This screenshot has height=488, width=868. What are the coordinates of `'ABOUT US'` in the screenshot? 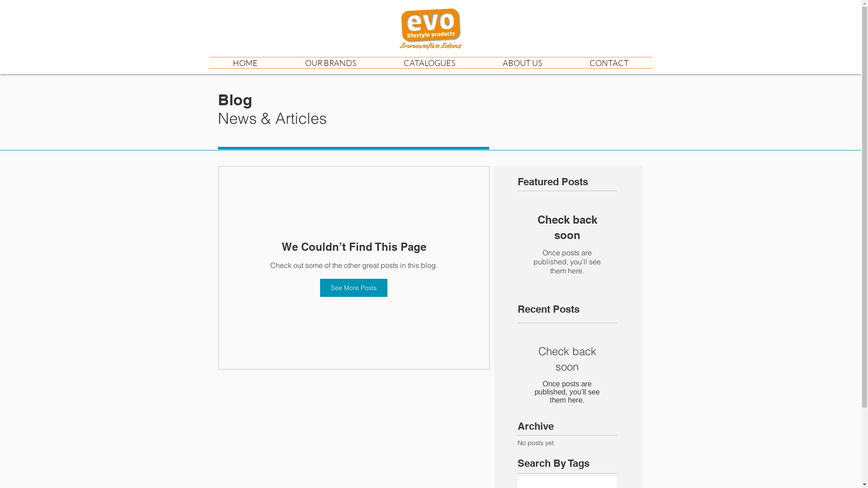 It's located at (523, 62).